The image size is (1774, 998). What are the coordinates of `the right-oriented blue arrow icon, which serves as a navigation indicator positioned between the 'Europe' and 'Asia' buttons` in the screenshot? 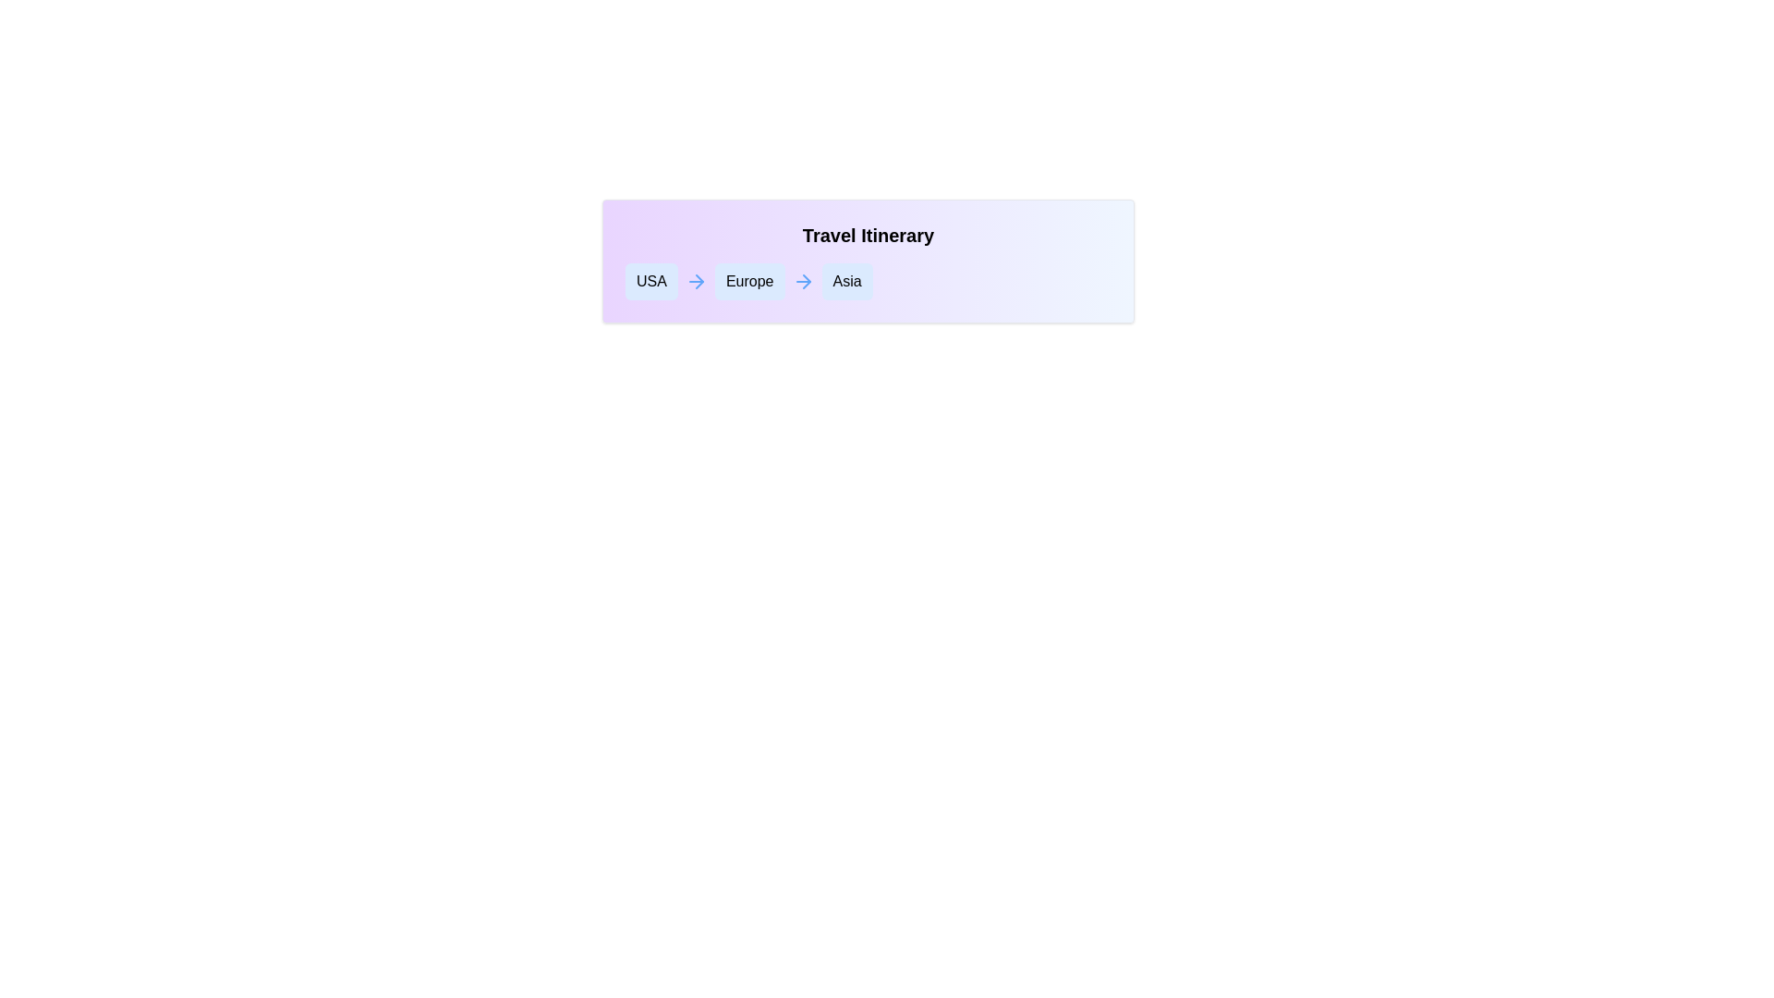 It's located at (803, 281).